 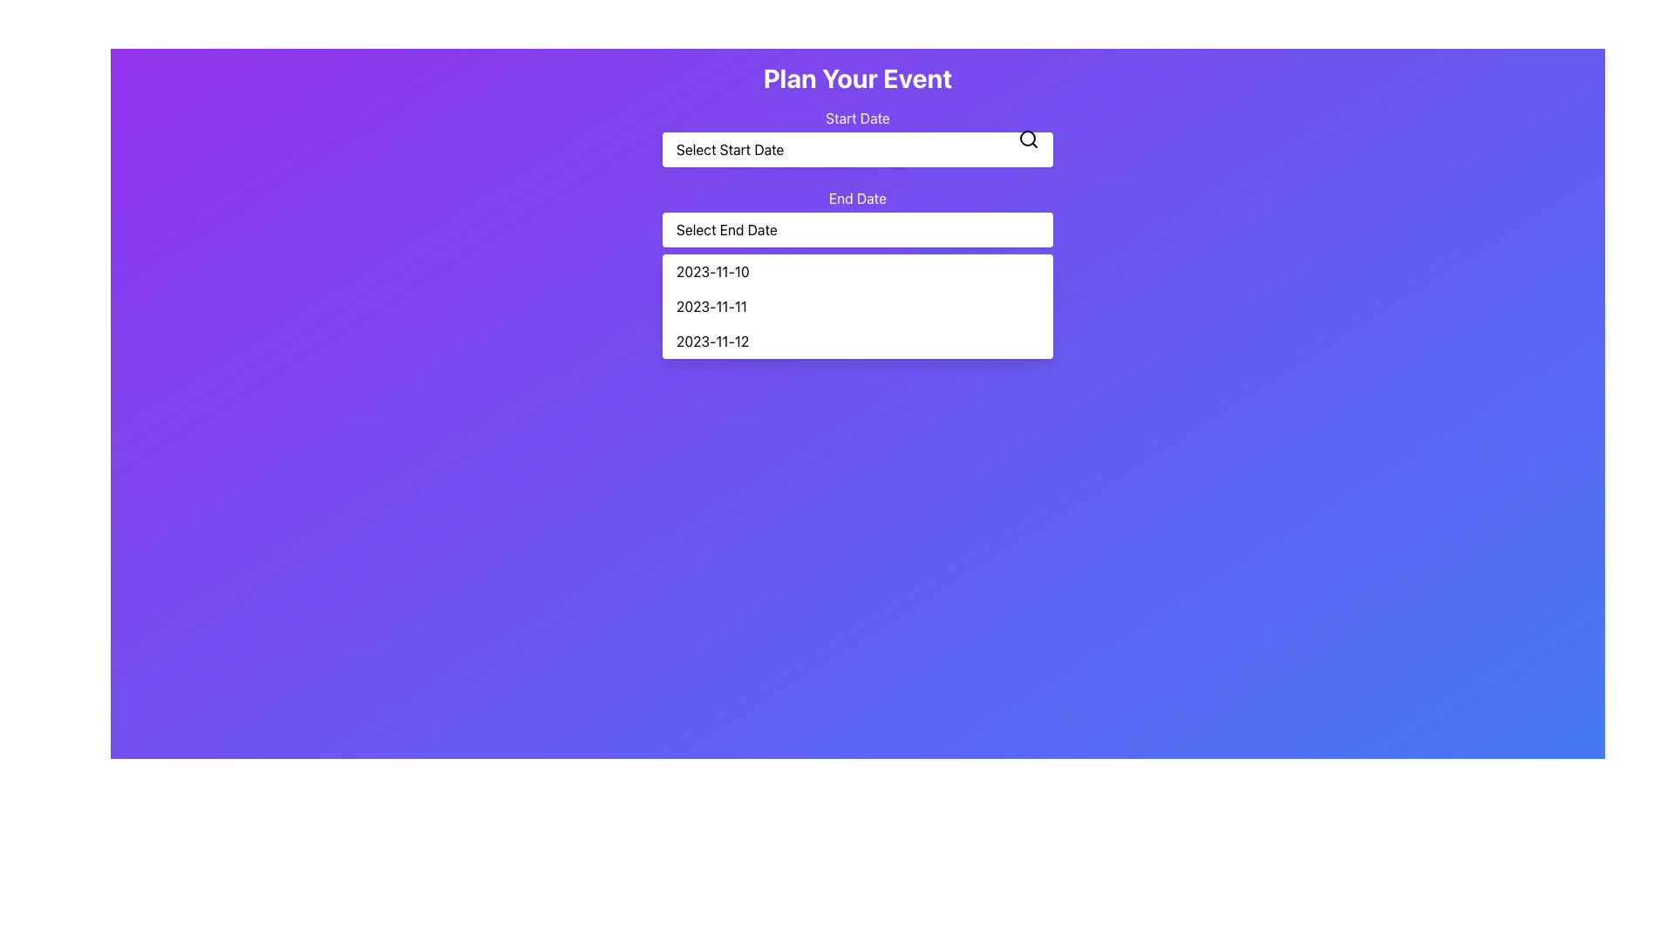 I want to click on the 'End Date' text label, which is styled in white font on a purple background, positioned above the 'Select End Date' dropdown menu, so click(x=857, y=197).